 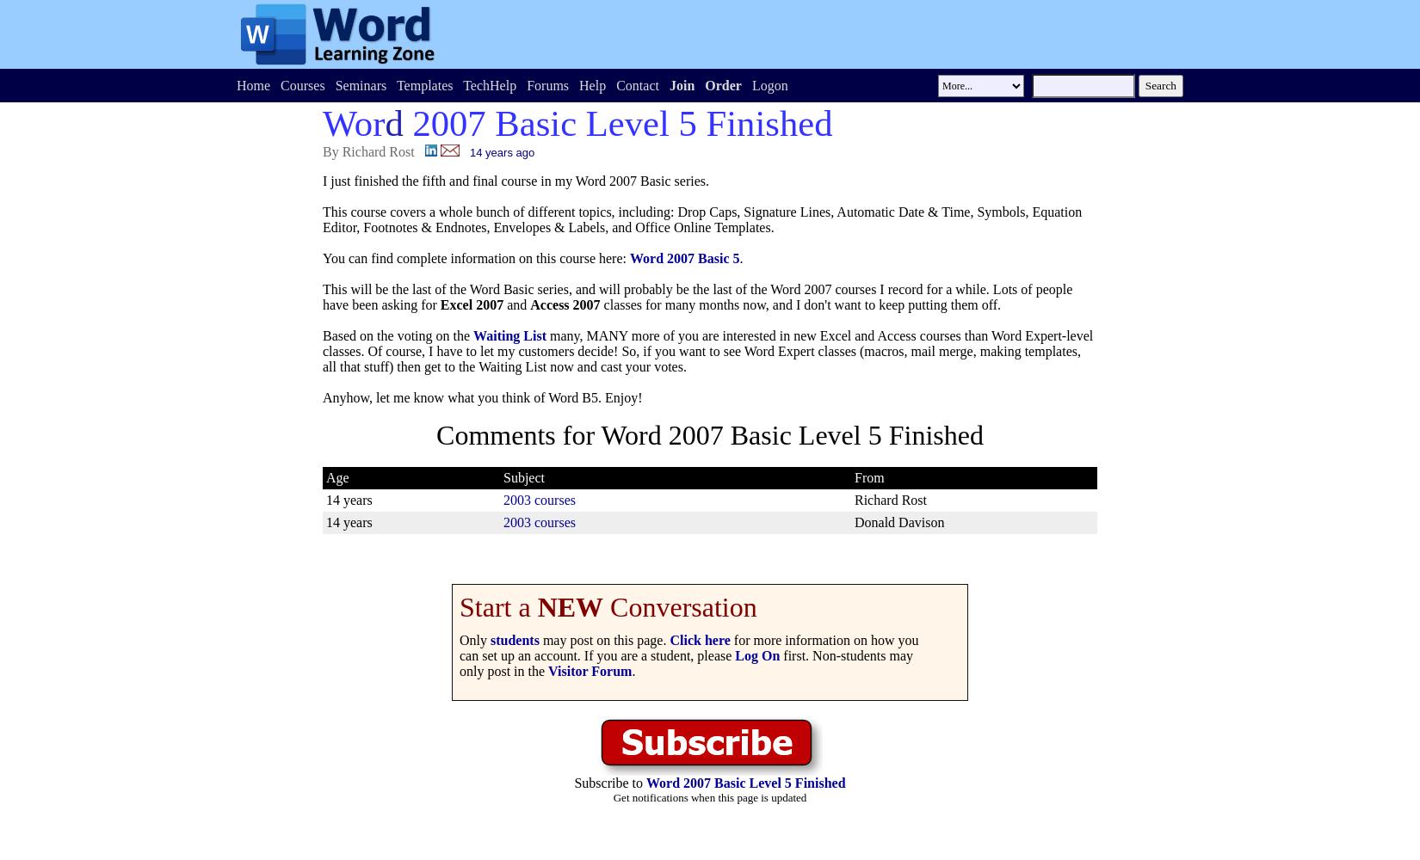 What do you see at coordinates (509, 335) in the screenshot?
I see `'Waiting List'` at bounding box center [509, 335].